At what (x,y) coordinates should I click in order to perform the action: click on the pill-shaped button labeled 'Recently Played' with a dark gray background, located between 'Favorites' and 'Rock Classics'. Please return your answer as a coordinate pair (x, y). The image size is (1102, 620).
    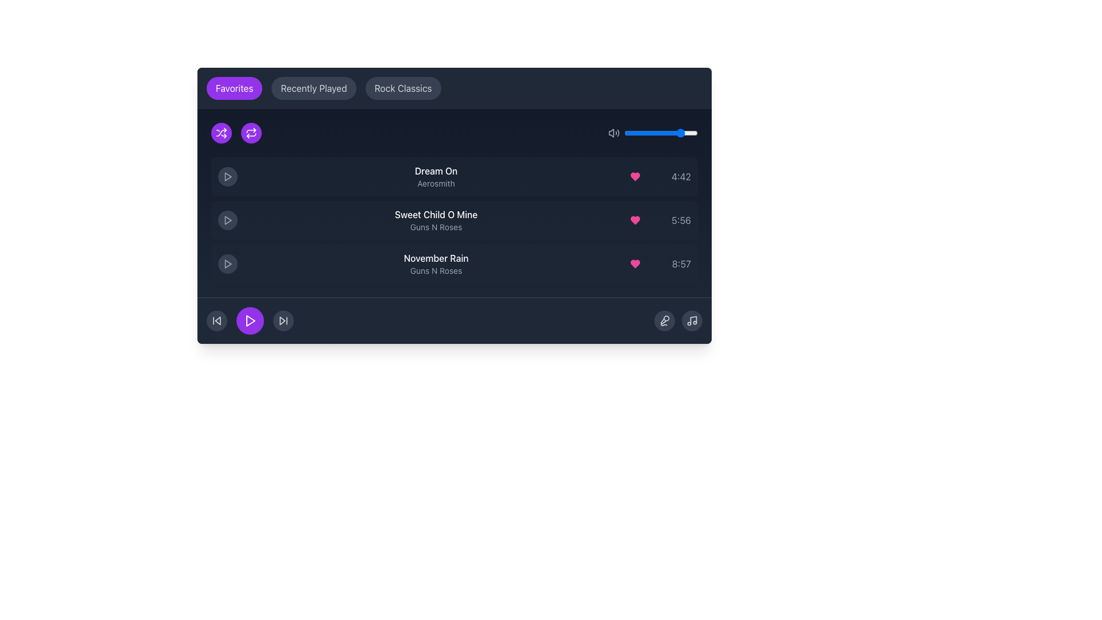
    Looking at the image, I should click on (314, 88).